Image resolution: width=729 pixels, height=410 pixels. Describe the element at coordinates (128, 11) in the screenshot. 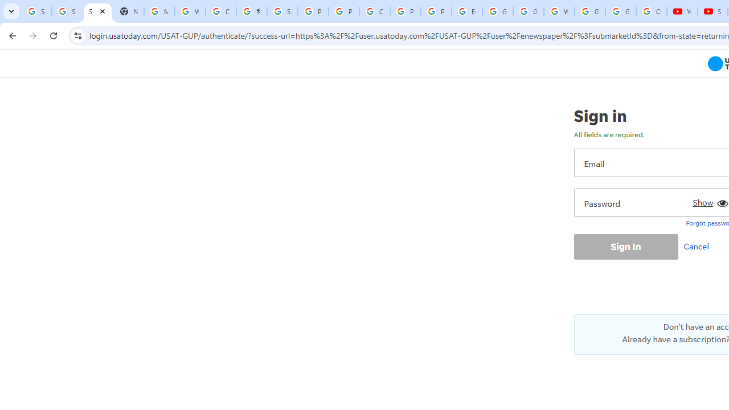

I see `'New Tab'` at that location.